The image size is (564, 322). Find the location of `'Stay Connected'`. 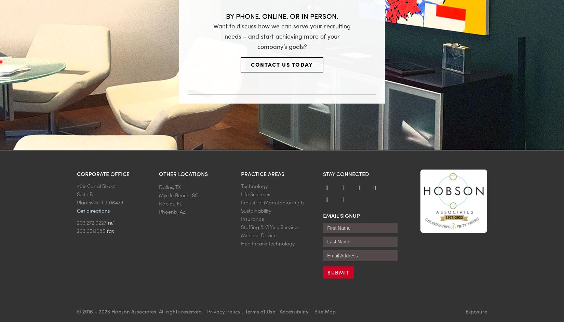

'Stay Connected' is located at coordinates (346, 174).